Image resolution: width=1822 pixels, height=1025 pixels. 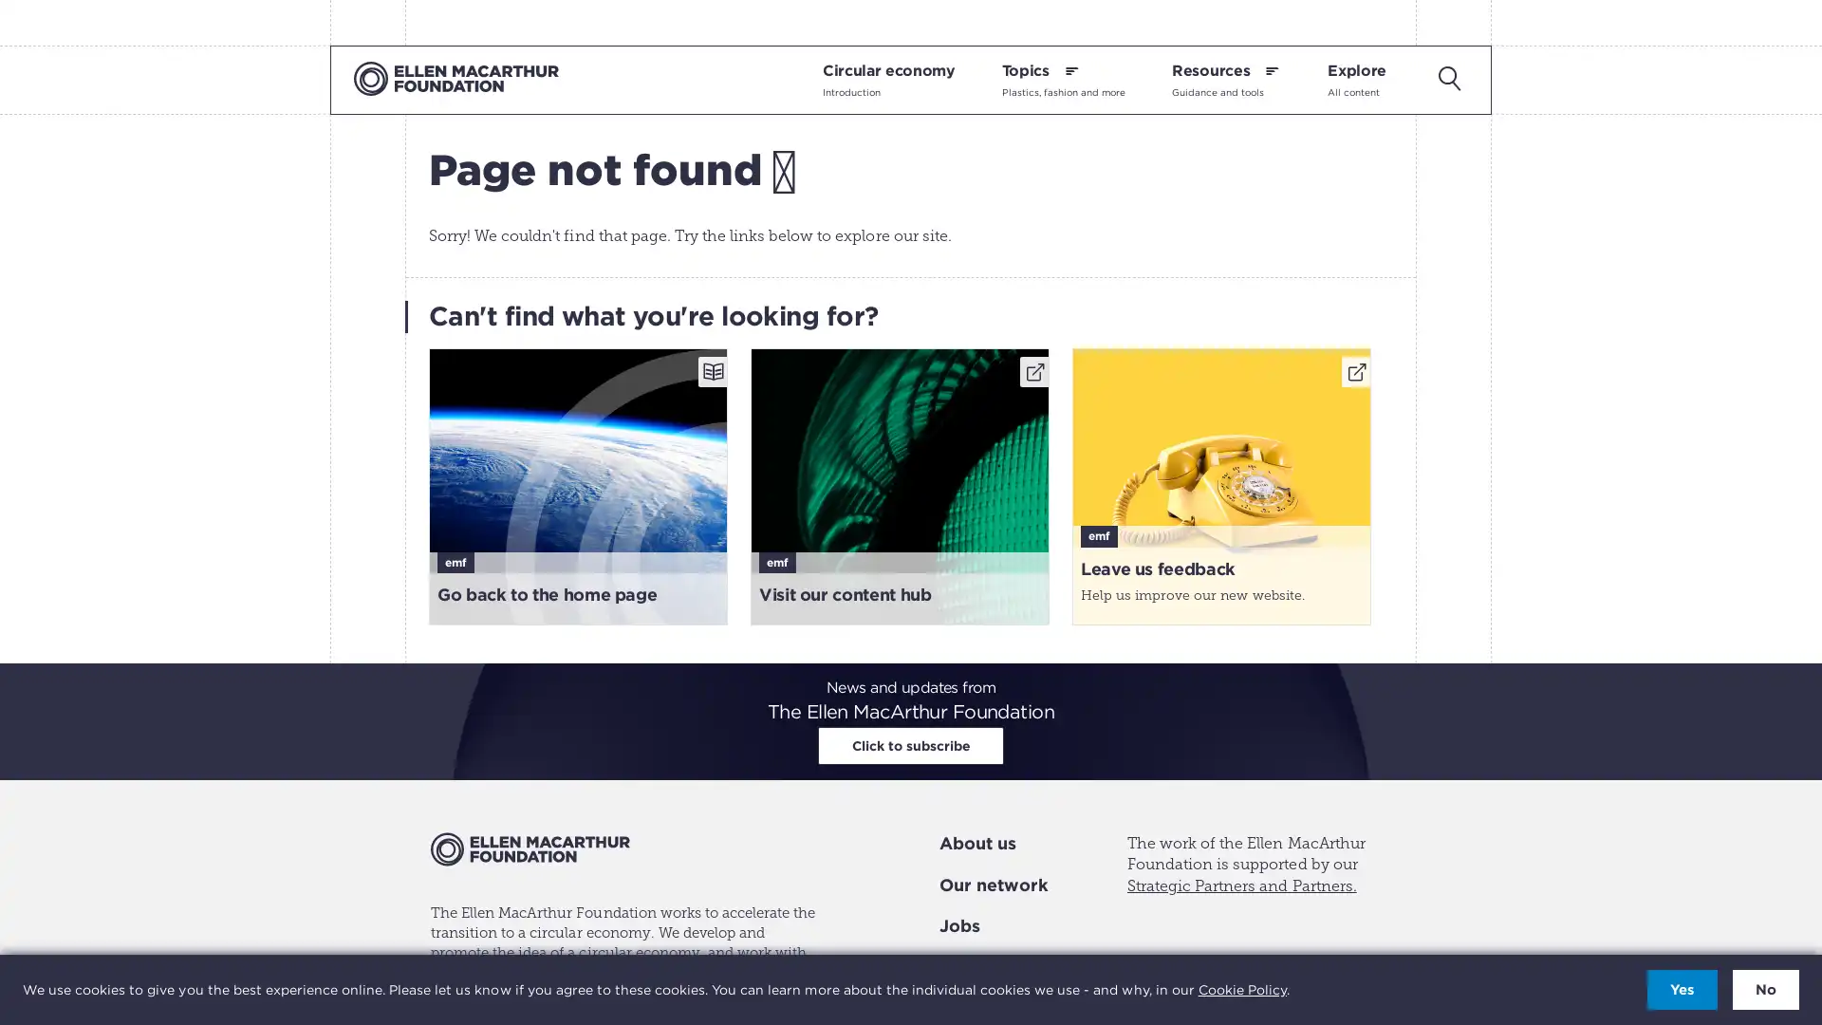 What do you see at coordinates (1765, 988) in the screenshot?
I see `Decline cookies` at bounding box center [1765, 988].